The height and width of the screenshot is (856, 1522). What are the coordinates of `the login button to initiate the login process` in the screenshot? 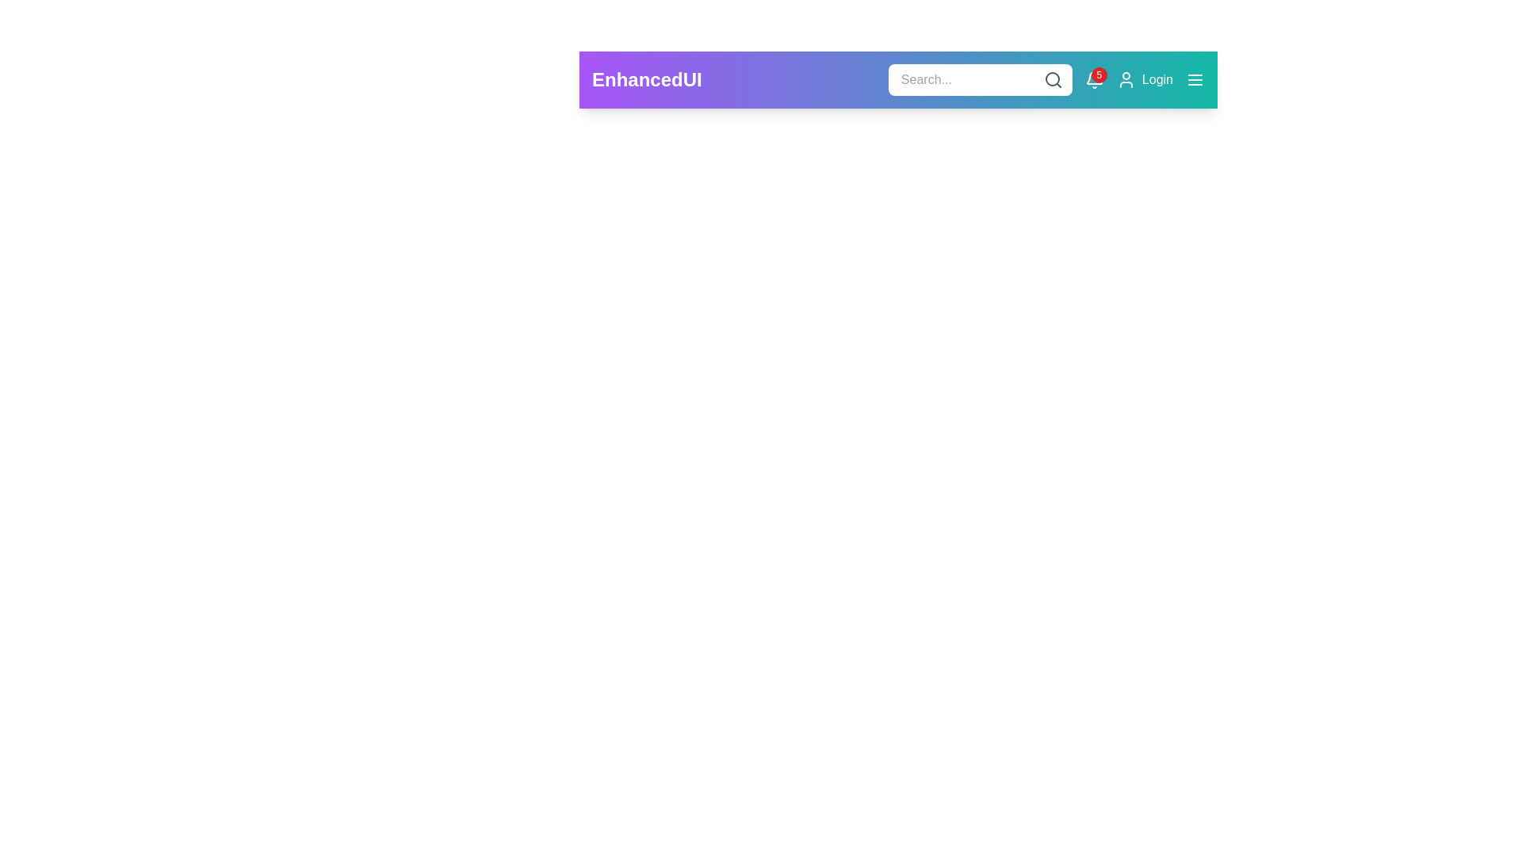 It's located at (1145, 79).